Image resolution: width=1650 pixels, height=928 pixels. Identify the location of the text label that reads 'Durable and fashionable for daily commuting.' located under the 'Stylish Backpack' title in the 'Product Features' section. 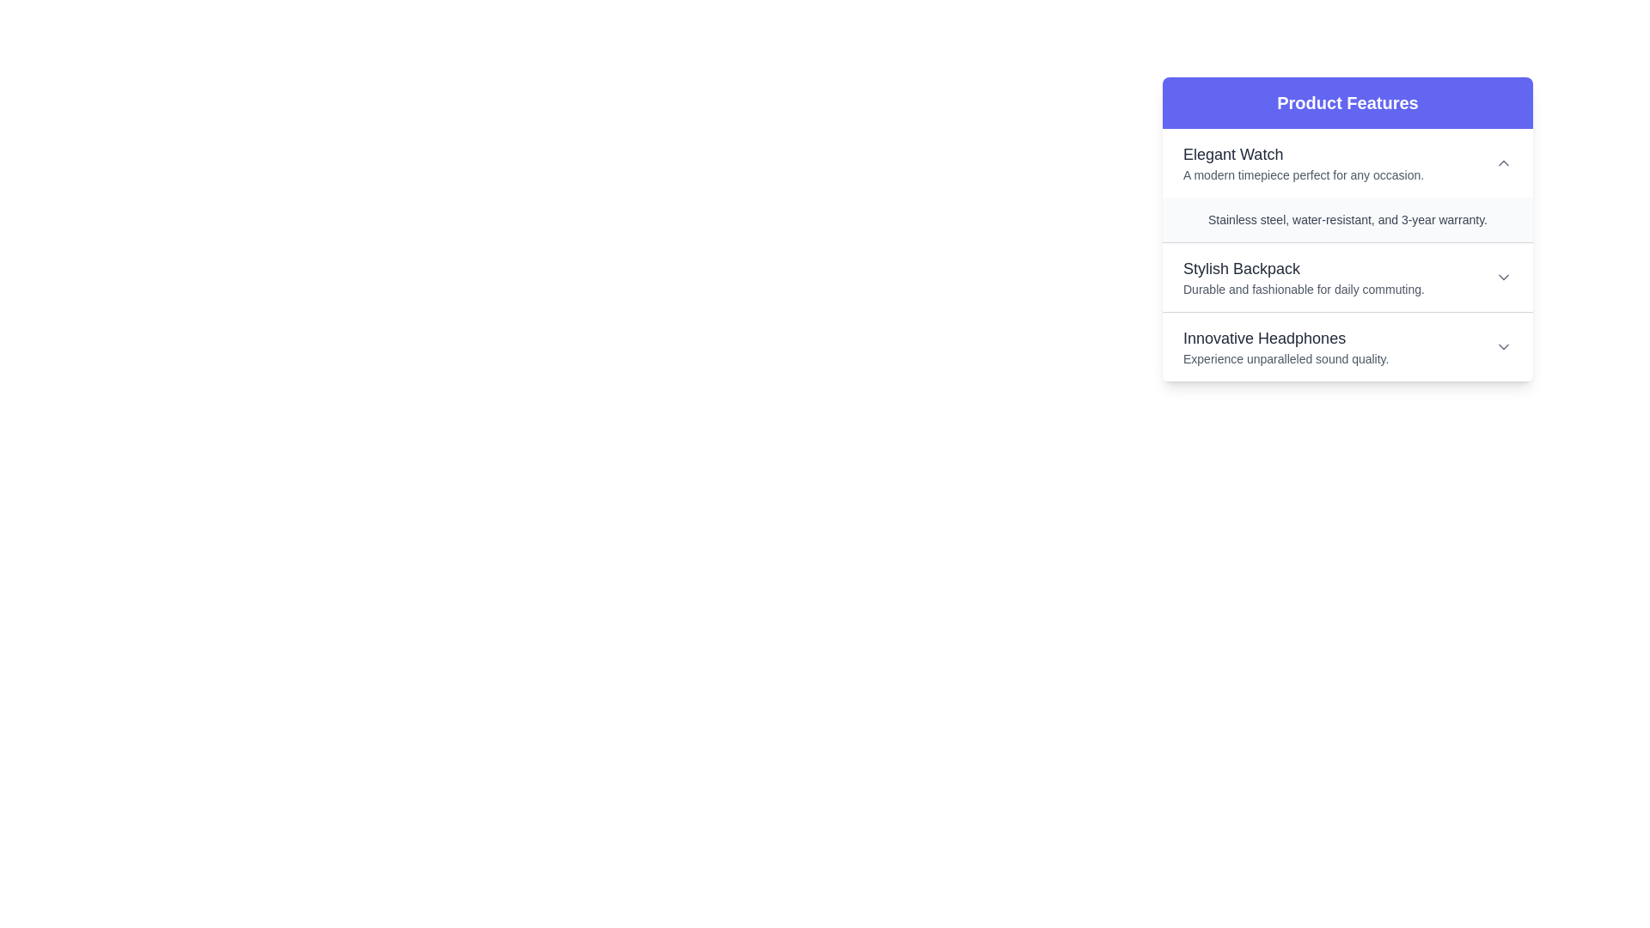
(1304, 288).